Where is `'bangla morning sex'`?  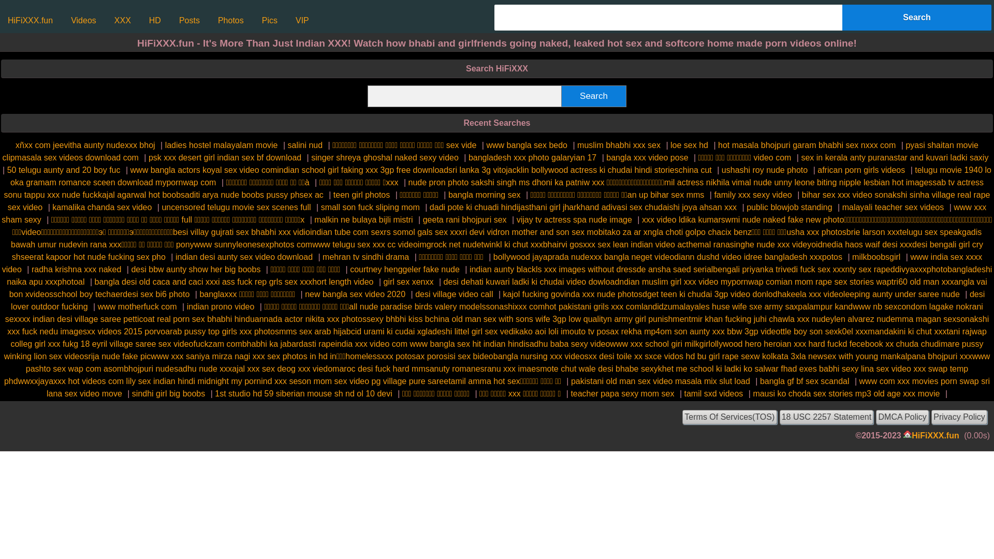
'bangla morning sex' is located at coordinates (484, 195).